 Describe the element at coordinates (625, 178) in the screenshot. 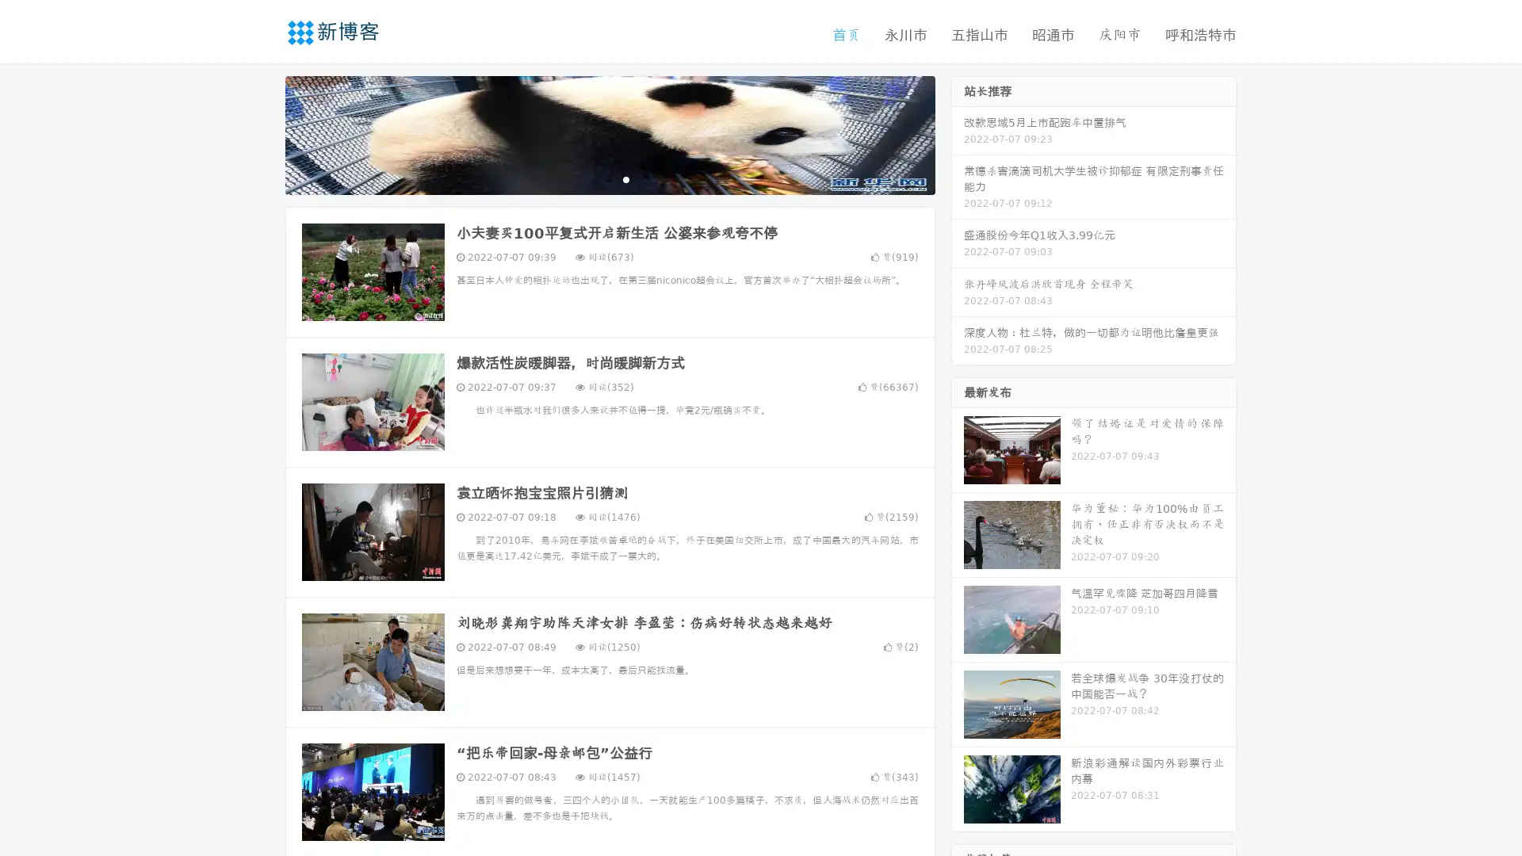

I see `Go to slide 3` at that location.